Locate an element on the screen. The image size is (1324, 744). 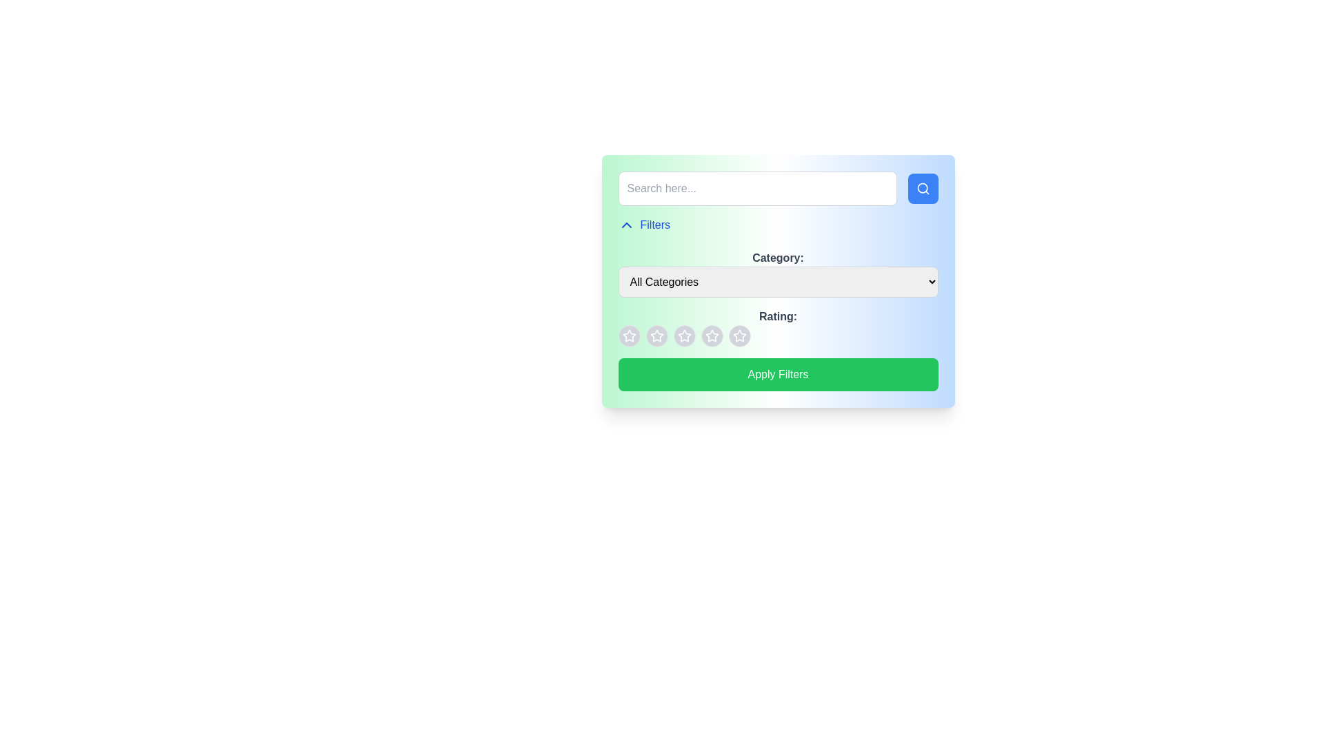
the fifth circular rating button located below the 'Rating:' label in the filtering panel is located at coordinates (739, 336).